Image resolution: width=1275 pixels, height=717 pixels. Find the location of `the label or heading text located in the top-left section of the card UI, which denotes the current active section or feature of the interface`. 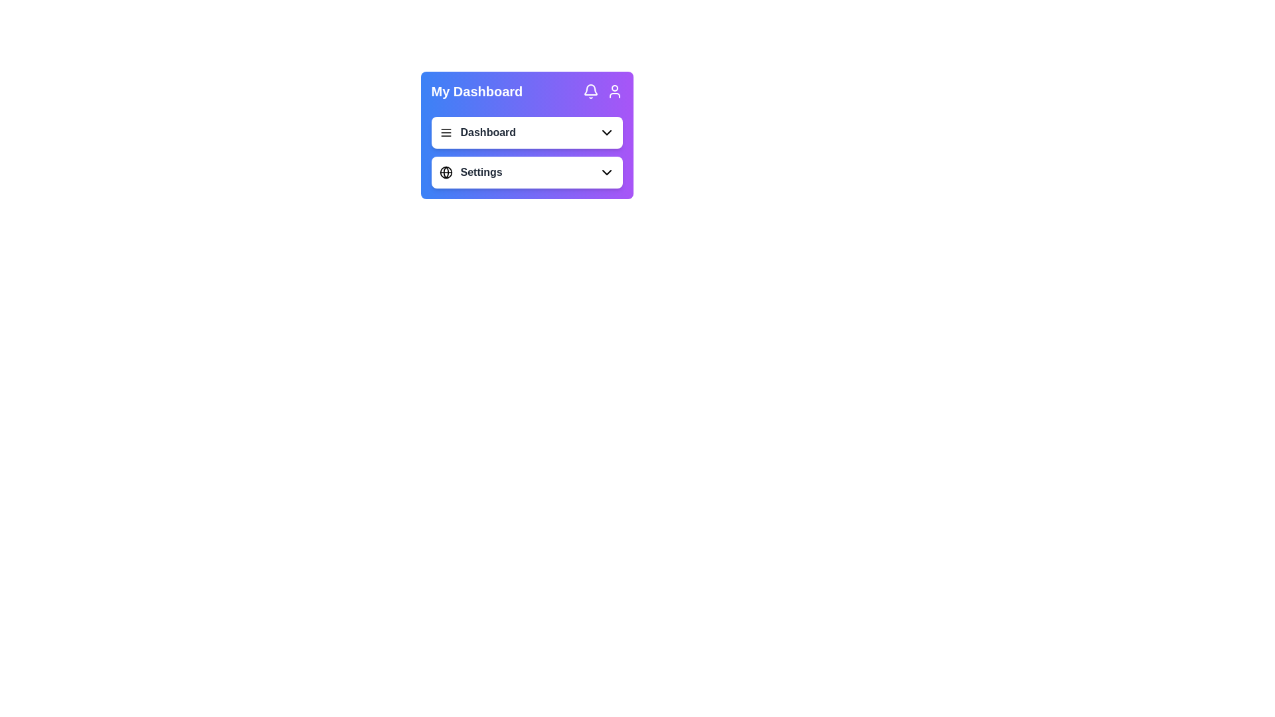

the label or heading text located in the top-left section of the card UI, which denotes the current active section or feature of the interface is located at coordinates (487, 133).